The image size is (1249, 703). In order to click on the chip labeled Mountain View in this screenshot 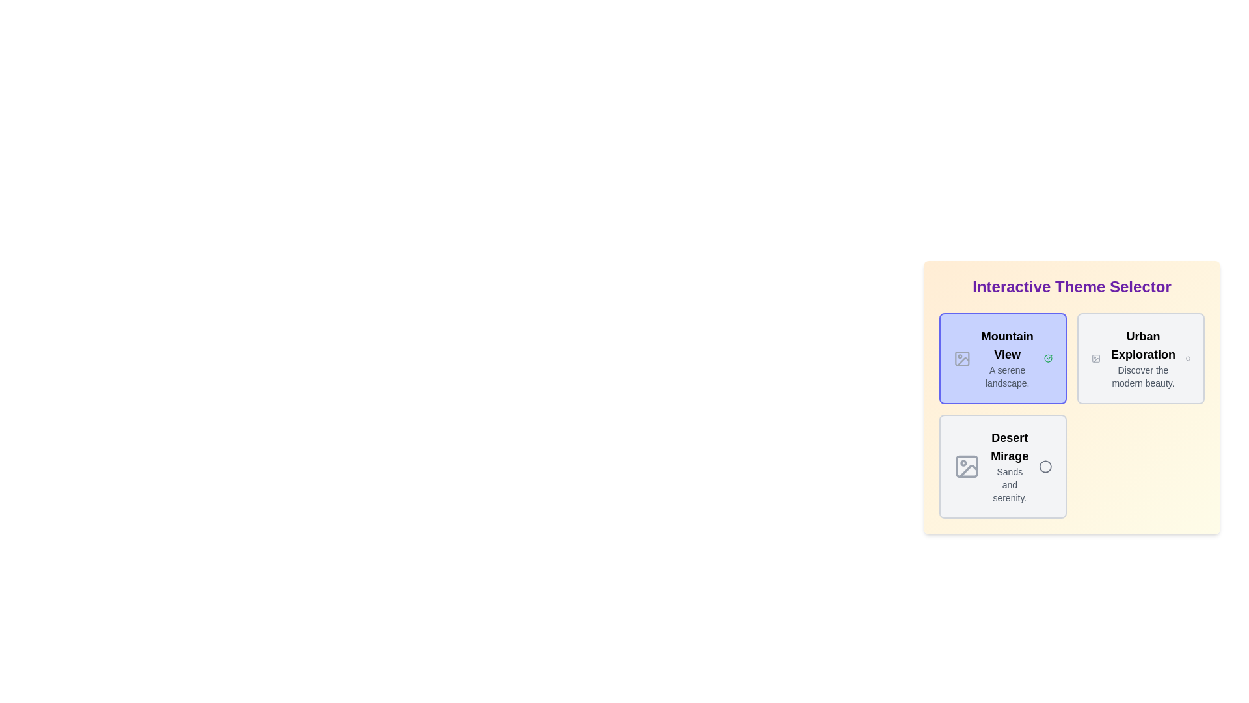, I will do `click(1002, 359)`.